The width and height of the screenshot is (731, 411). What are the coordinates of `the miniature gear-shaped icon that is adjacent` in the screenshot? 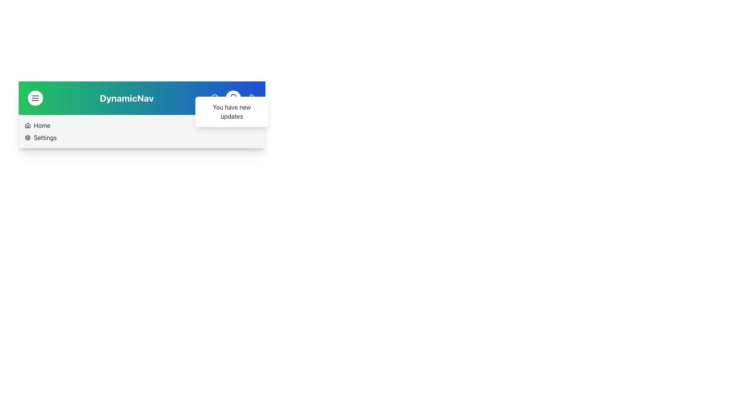 It's located at (27, 138).